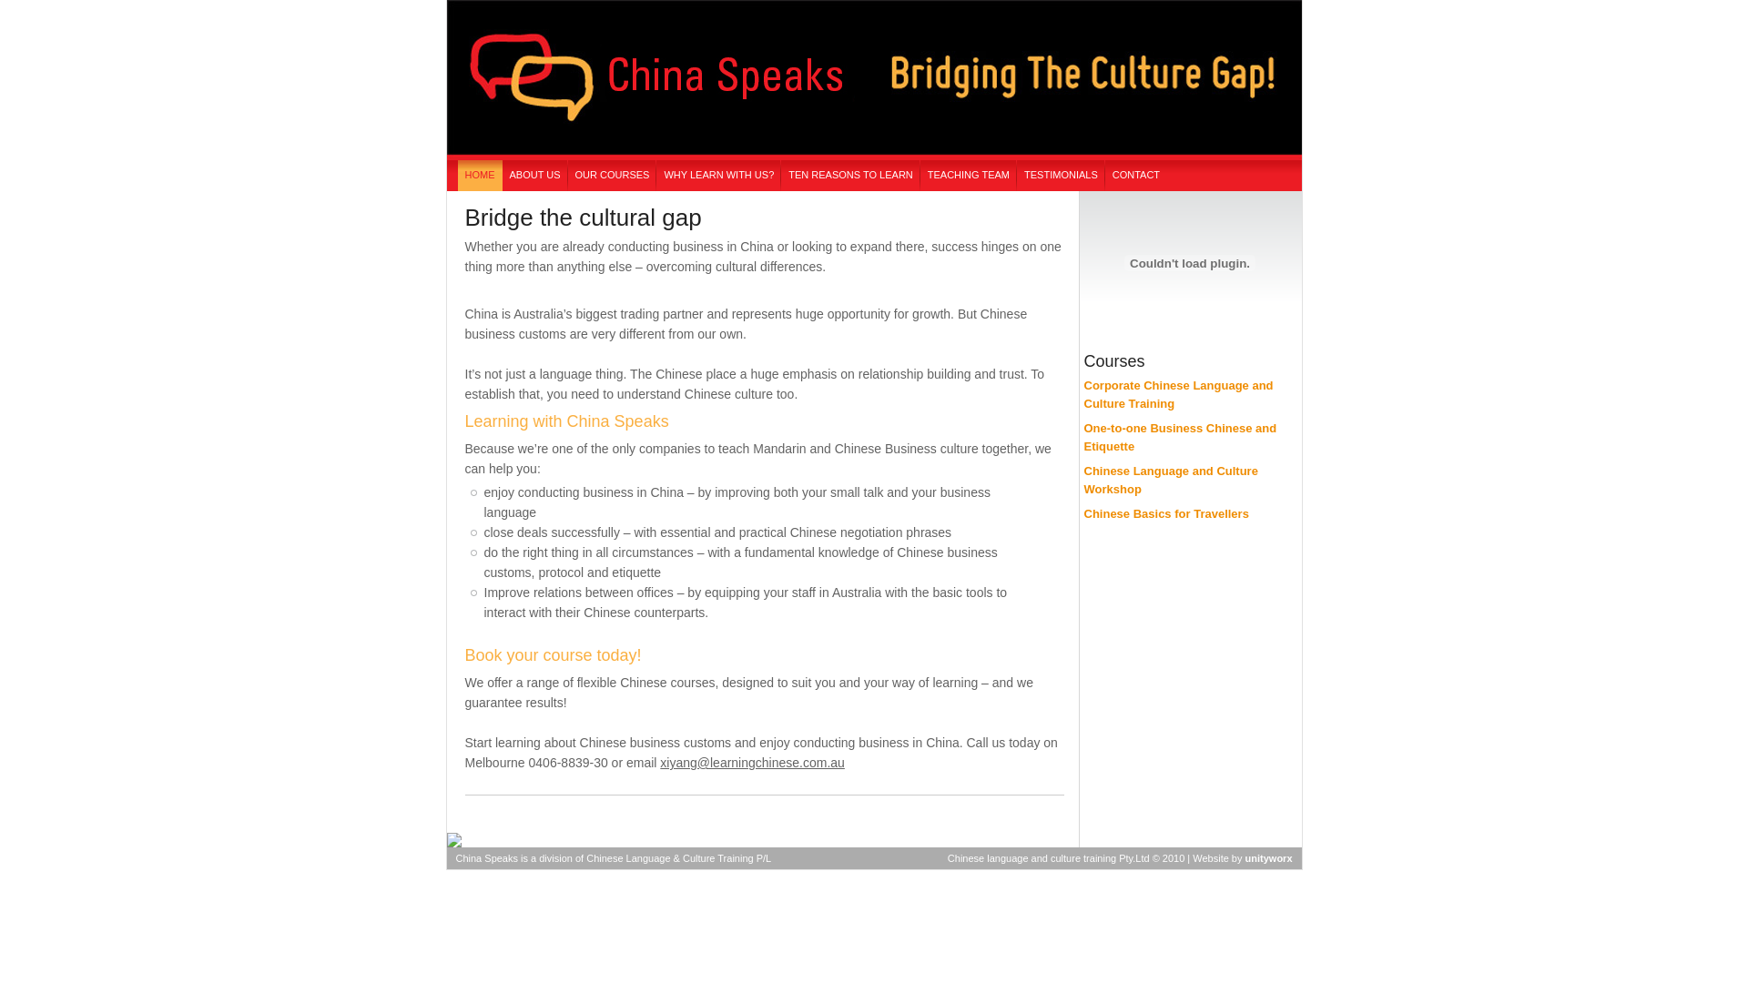 The image size is (1748, 983). I want to click on 'WHY LEARN WITH US?', so click(655, 175).